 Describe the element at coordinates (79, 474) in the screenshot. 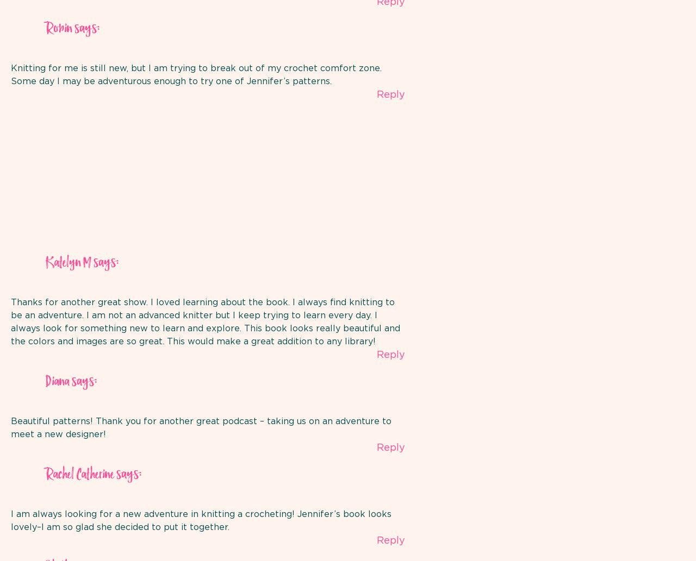

I see `'Rachel Catherine'` at that location.